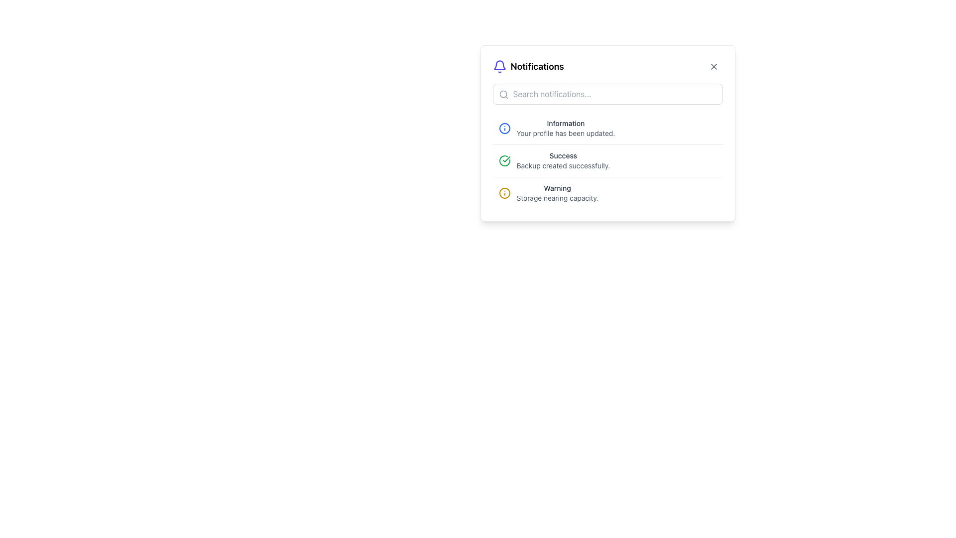 The height and width of the screenshot is (538, 956). What do you see at coordinates (499, 65) in the screenshot?
I see `the bell icon representing notifications, located prominently near the top left corner of the Notifications panel` at bounding box center [499, 65].